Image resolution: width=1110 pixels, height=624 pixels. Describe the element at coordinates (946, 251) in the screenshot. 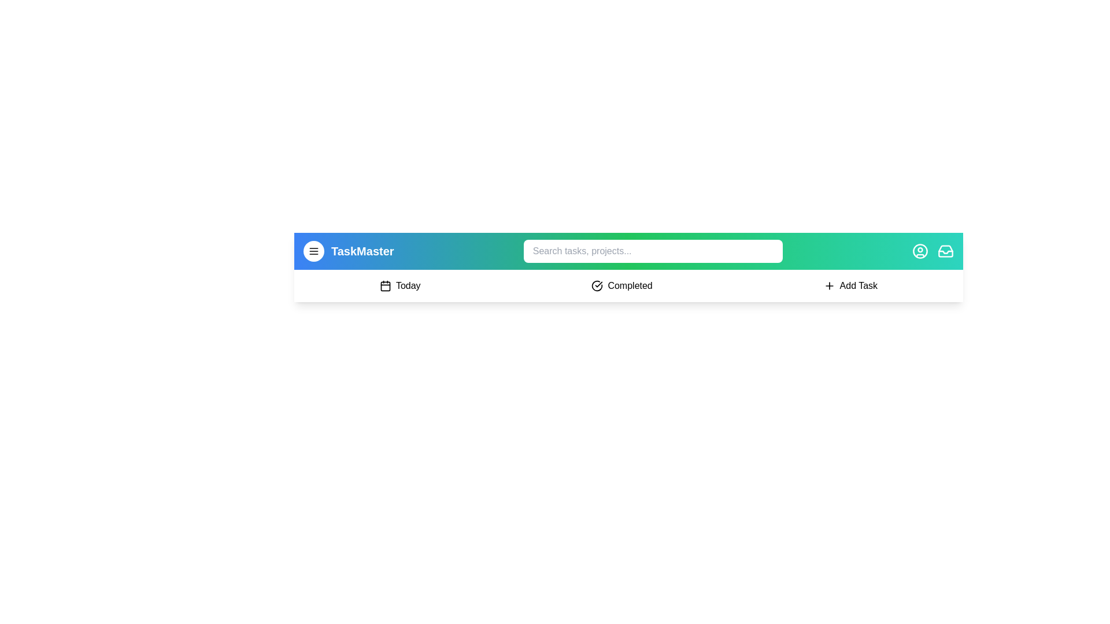

I see `the inbox icon to access the inbox` at that location.